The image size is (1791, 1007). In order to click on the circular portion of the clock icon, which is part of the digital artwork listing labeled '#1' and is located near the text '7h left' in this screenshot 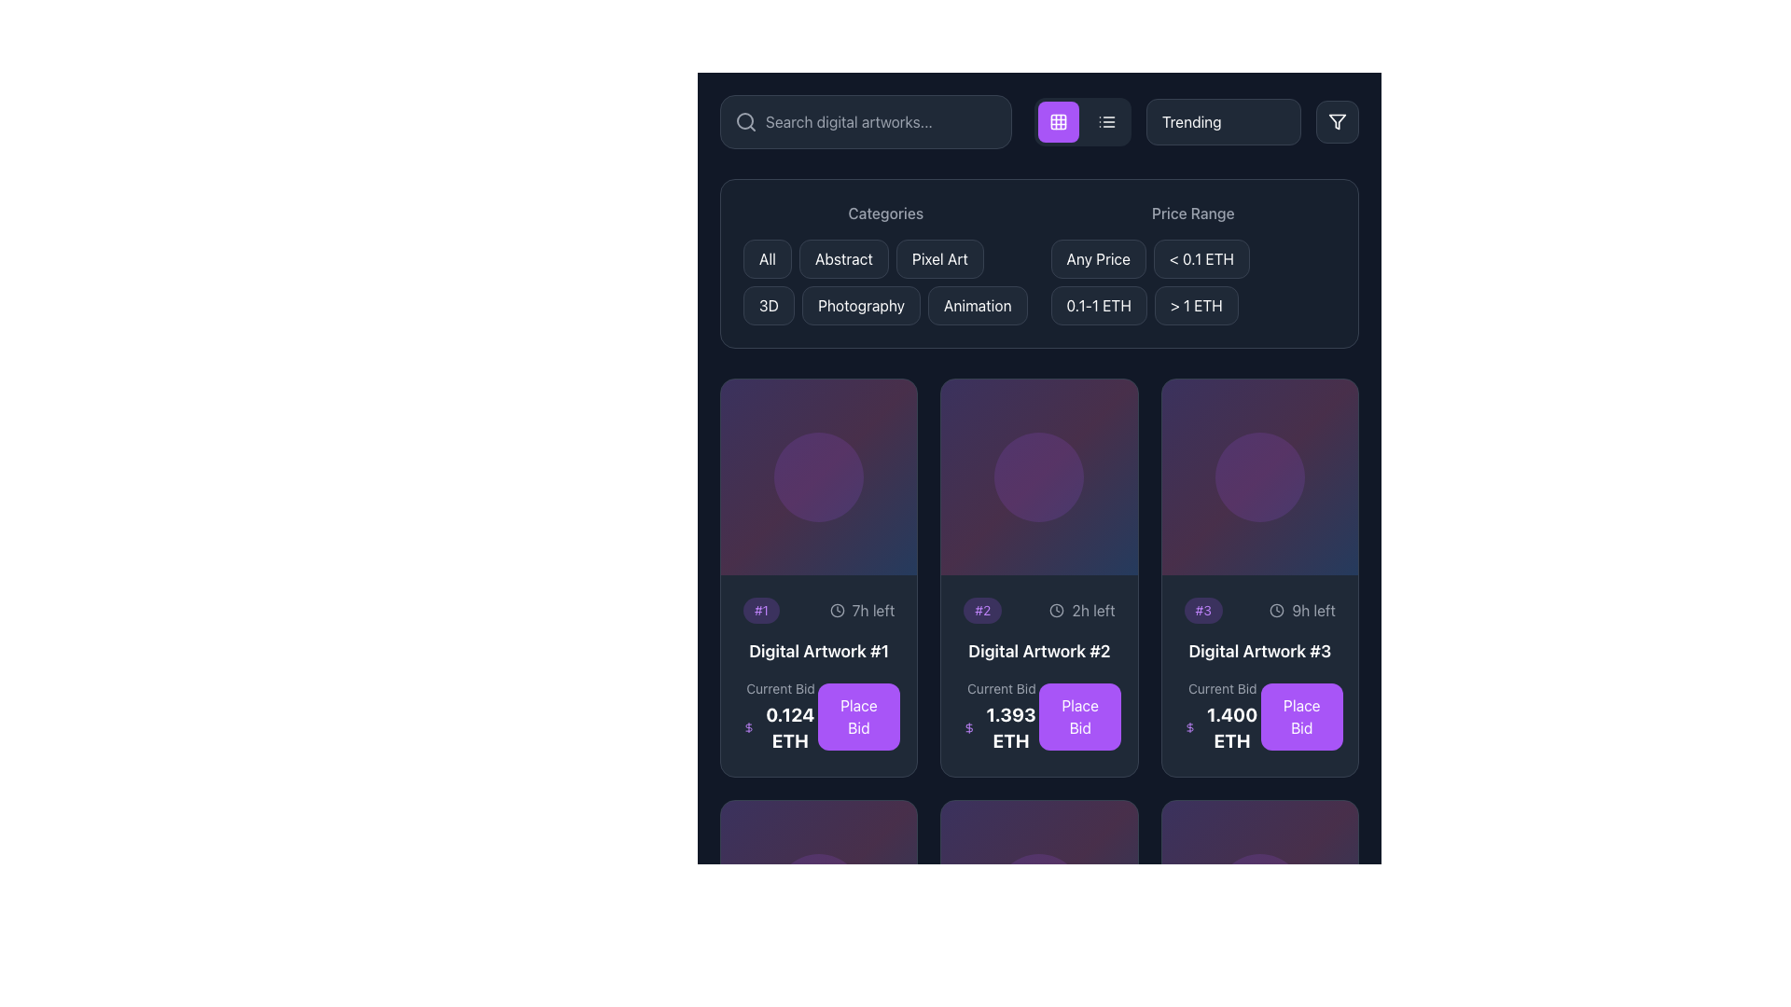, I will do `click(836, 611)`.